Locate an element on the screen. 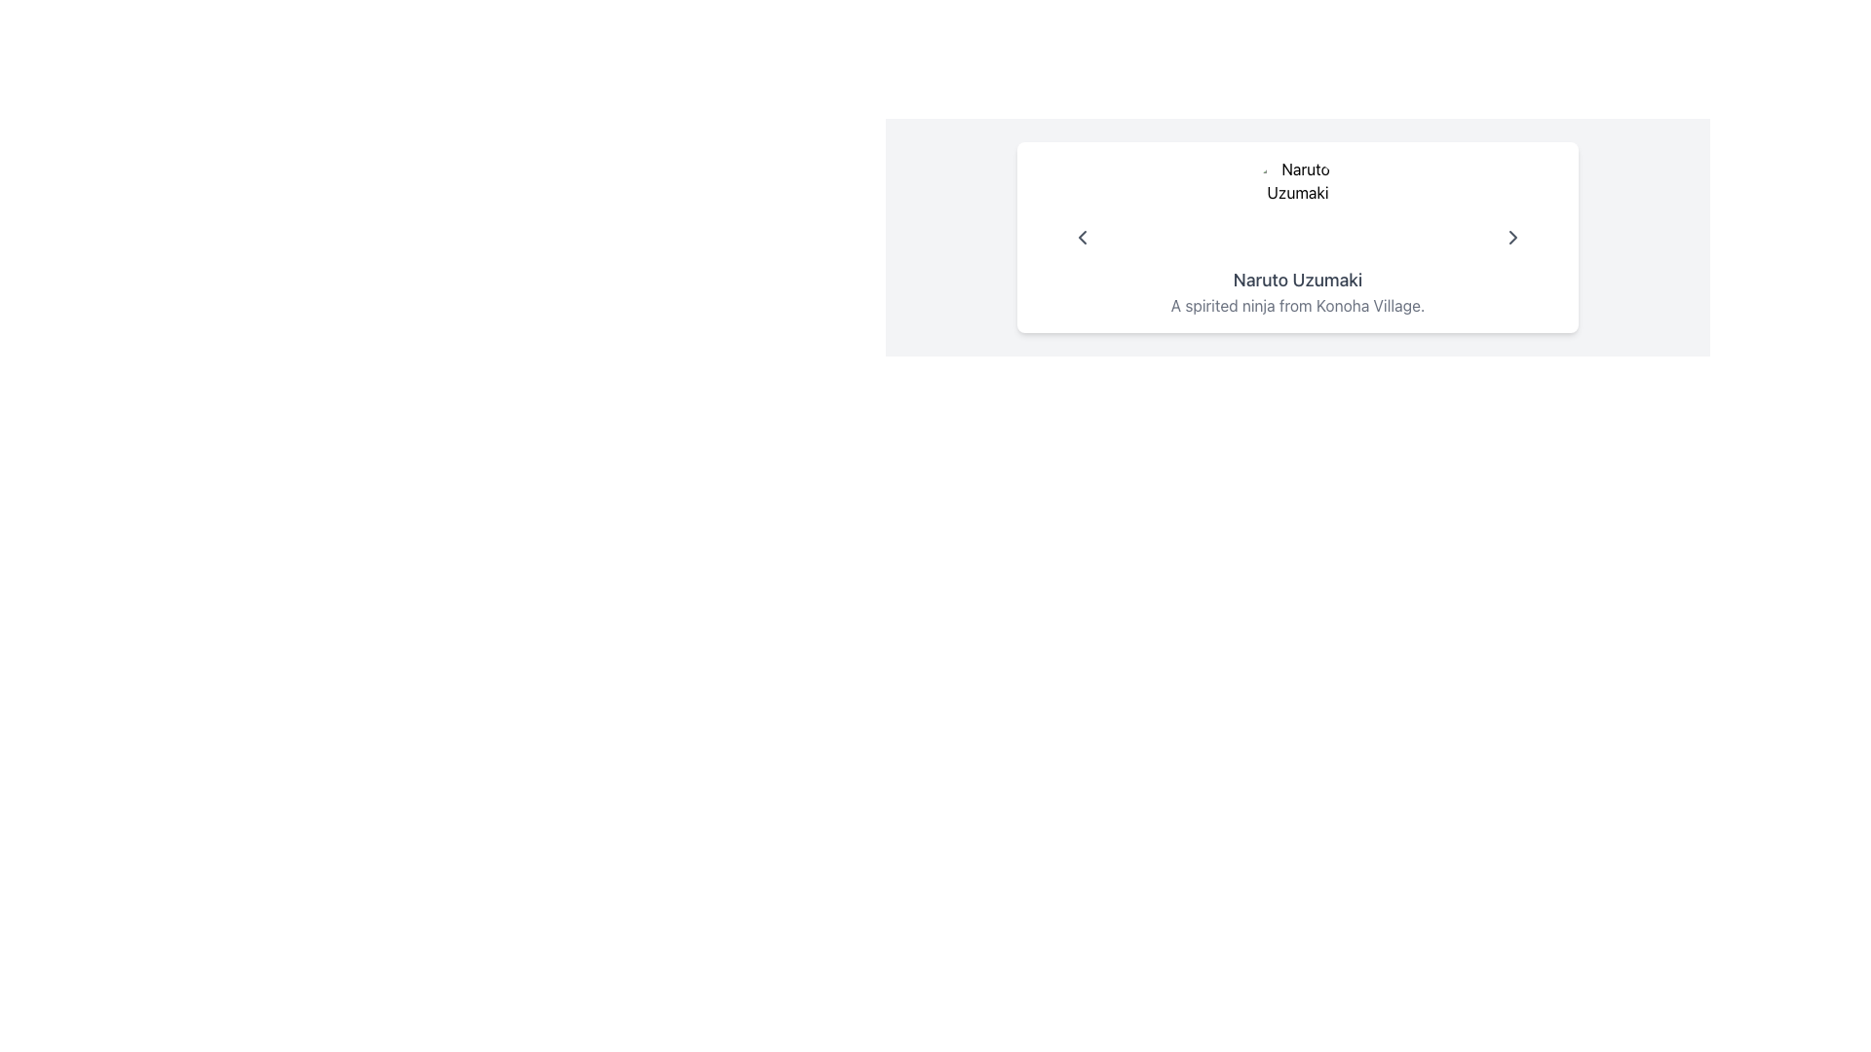 The height and width of the screenshot is (1052, 1871). the textual description in gray font reading 'A spirited ninja from Konoha Village.' which is located below the title 'Naruto Uzumaki.' is located at coordinates (1297, 305).